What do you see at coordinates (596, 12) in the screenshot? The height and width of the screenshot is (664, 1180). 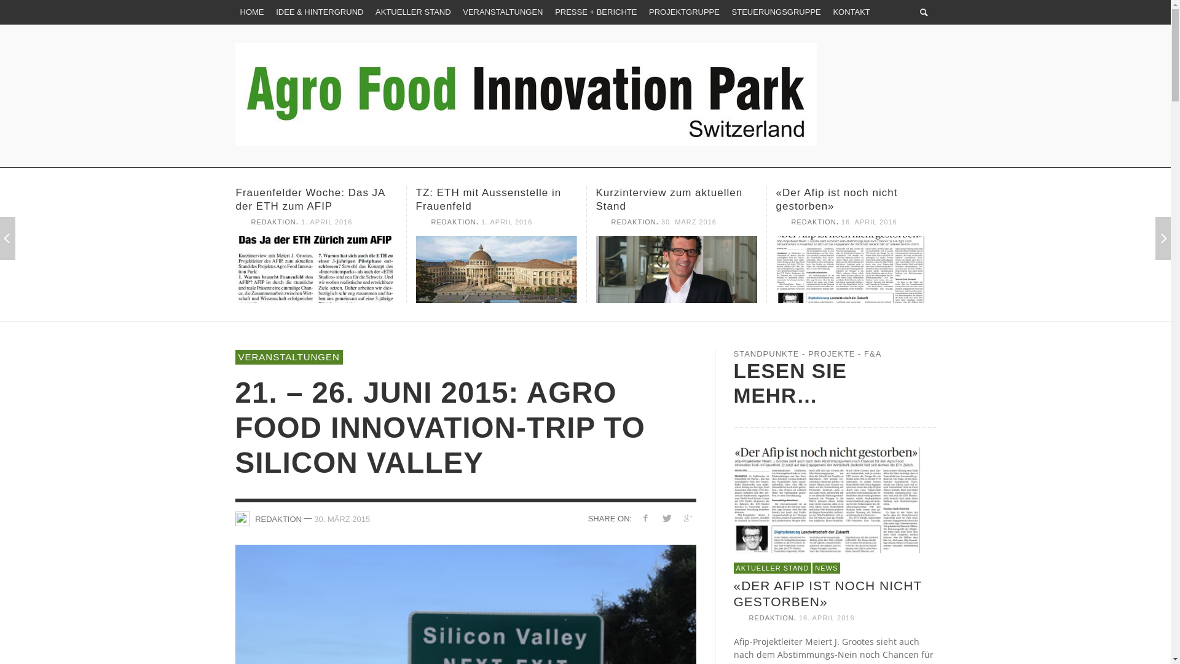 I see `'PRESSE + BERICHTE'` at bounding box center [596, 12].